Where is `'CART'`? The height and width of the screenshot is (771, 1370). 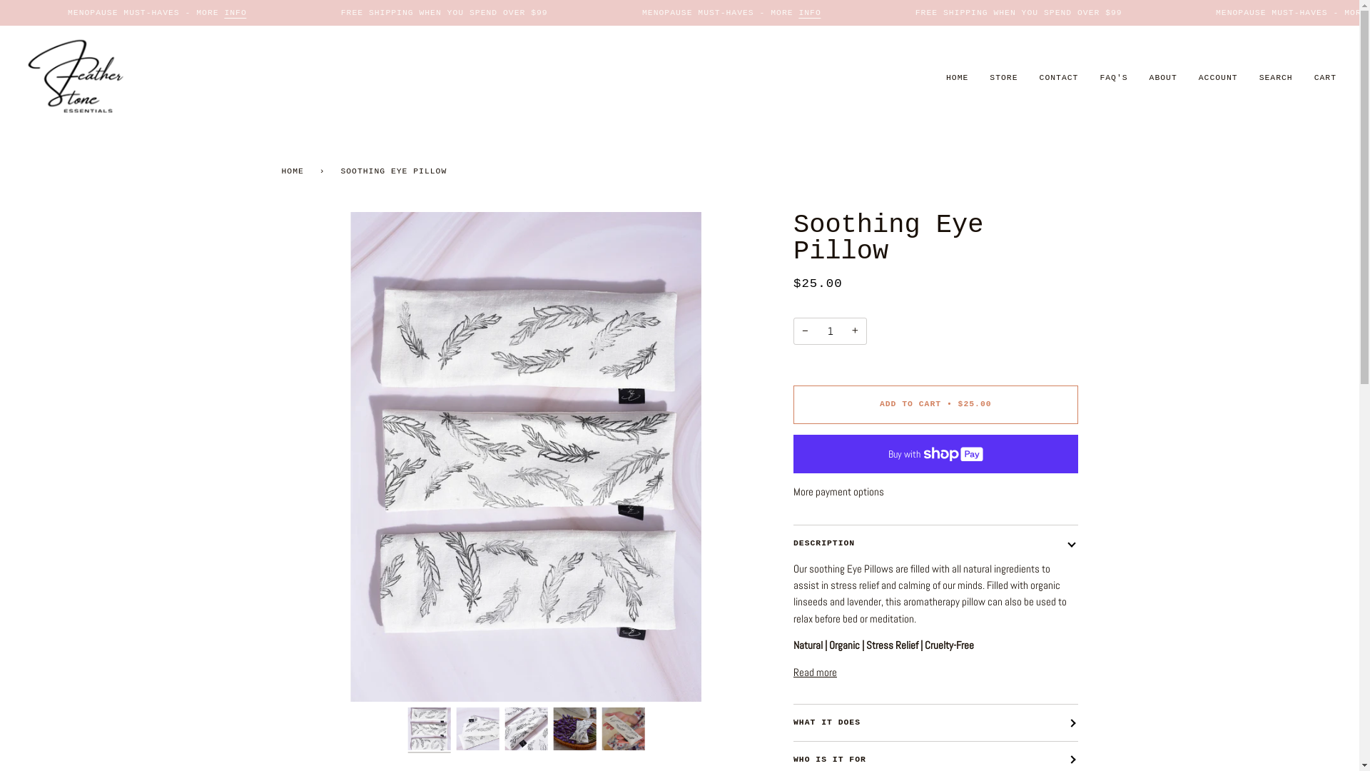 'CART' is located at coordinates (1324, 77).